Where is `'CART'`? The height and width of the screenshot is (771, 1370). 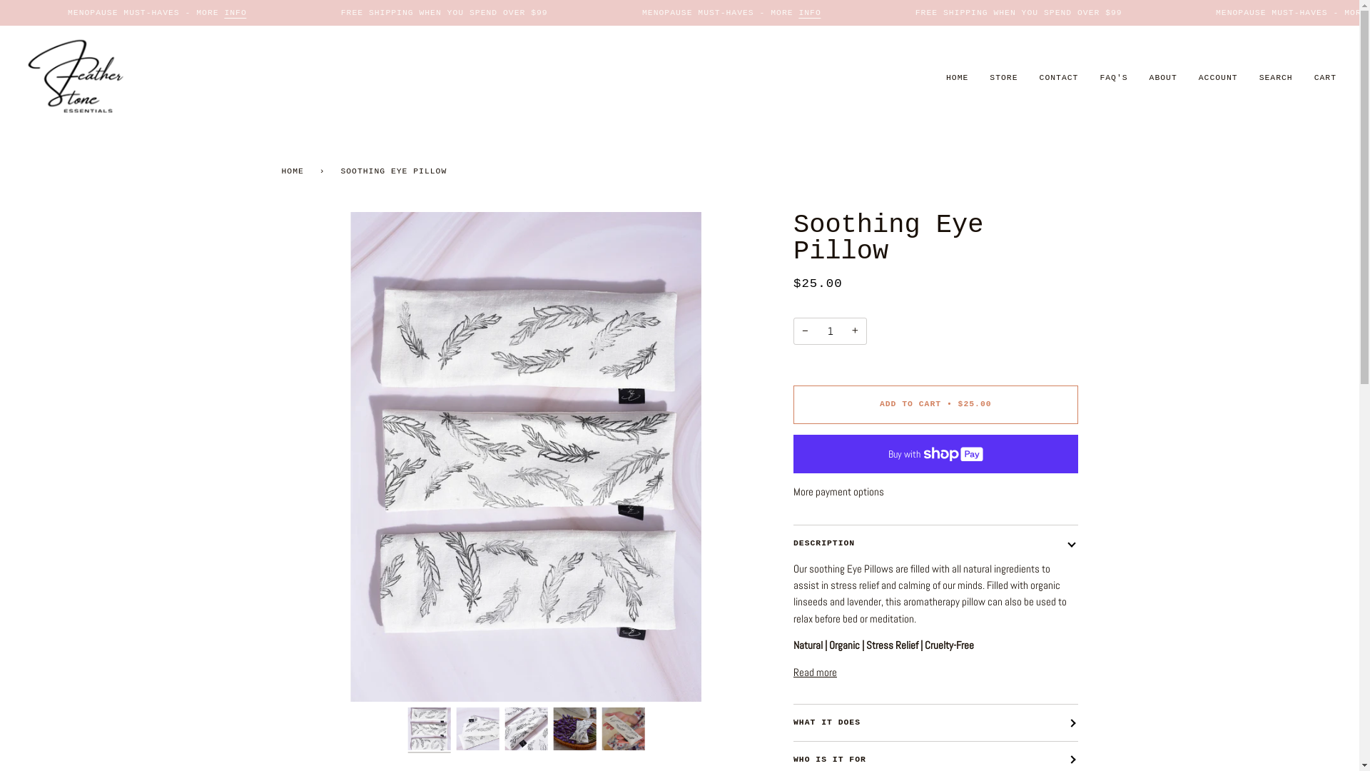 'CART' is located at coordinates (1324, 77).